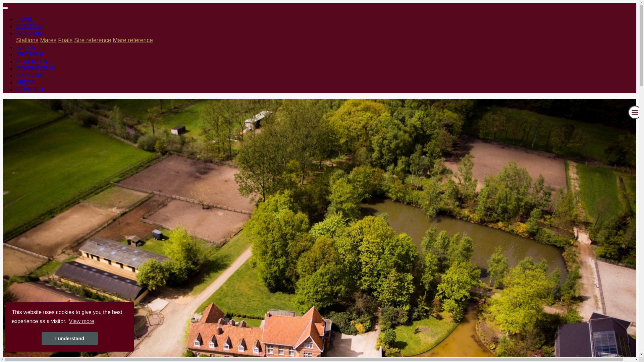 Image resolution: width=644 pixels, height=362 pixels. Describe the element at coordinates (31, 33) in the screenshot. I see `'ARABIANS'` at that location.